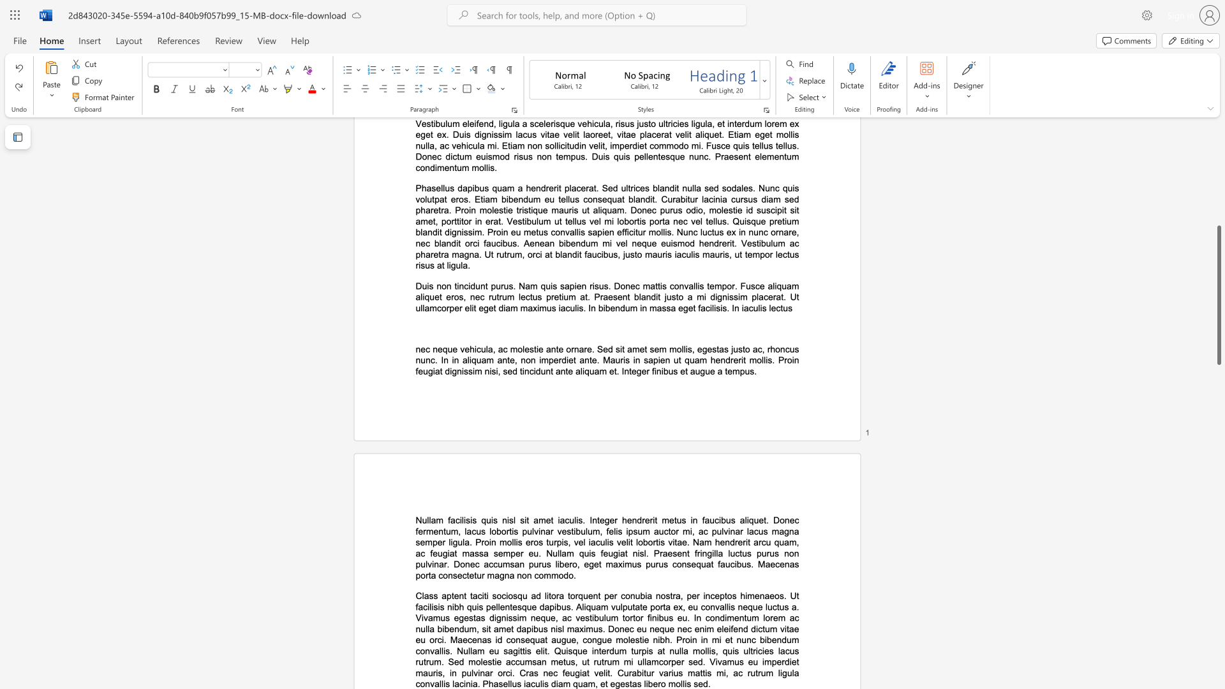 Image resolution: width=1225 pixels, height=689 pixels. I want to click on the subset text "us a. Vivamus egestas dignissim neque, ac vestibulum tortor finibus eu. In condimentum lorem ac nulla bibendum, sit amet dapibus nisl maximus. Donec eu neque nec enim eleifend dictum vitae eu orci. Maecenas id consequat augue, congue molestie nibh. Proin in mi et" within the text "Class aptent taciti sociosqu ad litora torquent per conubia nostra, per inceptos himenaeos. Ut facilisis nibh quis pellentesque dapibus. Aliquam vulputate porta ex, eu convallis neque luctus a. Vivamus egestas dignissim neque, ac vestibulum tortor finibus eu. In condimentum lorem ac nulla bibendum, sit amet dapibus nisl maximus. Donec eu neque nec enim eleifend dictum vitae eu orci. Maecenas id consequat augue, congue molestie nibh. Proin in mi et nunc bibendum convallis. Nullam eu sagittis elit. Quisque interdum turpis at nulla mollis, quis ultricies lacus rutrum. Sed molestie accumsan metus, ut rutrum mi ullamcorper sed. Vivamus eu imperdiet mauris, in pulvinar orci. Cras nec feugiat velit. Curabitur varius mattis mi, ac rutrum ligula convallis lacinia. Phasellus iaculis diam quam, et egestas libero mollis sed.", so click(778, 606).